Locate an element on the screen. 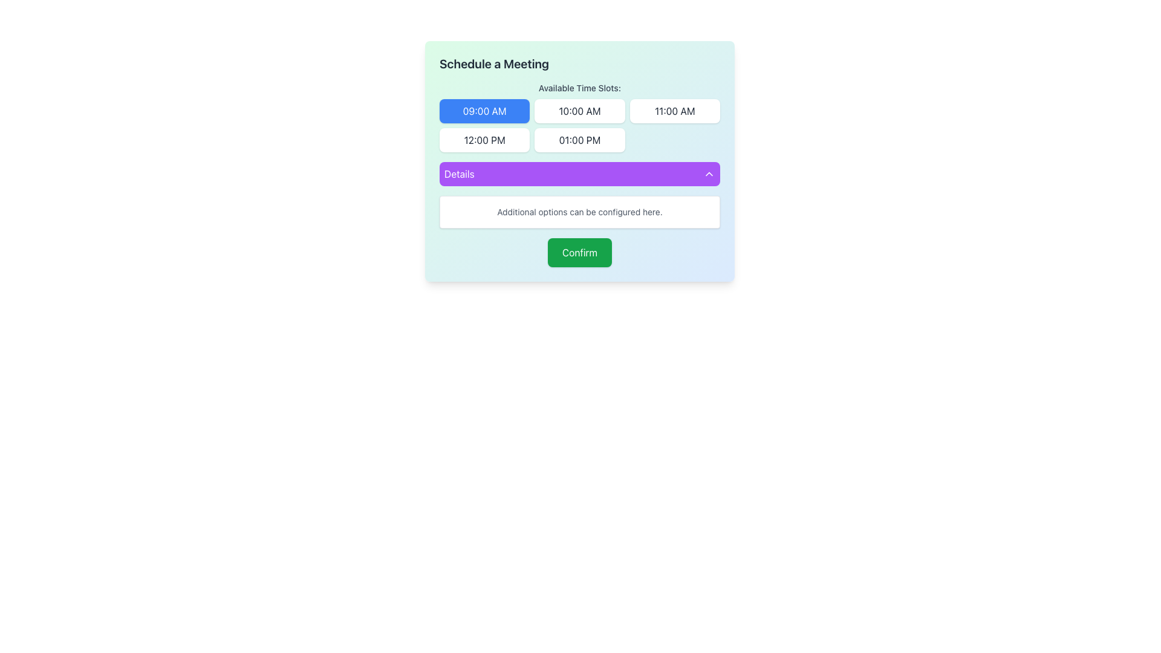 This screenshot has width=1161, height=653. the purple 'Details' button with rounded edges is located at coordinates (579, 174).